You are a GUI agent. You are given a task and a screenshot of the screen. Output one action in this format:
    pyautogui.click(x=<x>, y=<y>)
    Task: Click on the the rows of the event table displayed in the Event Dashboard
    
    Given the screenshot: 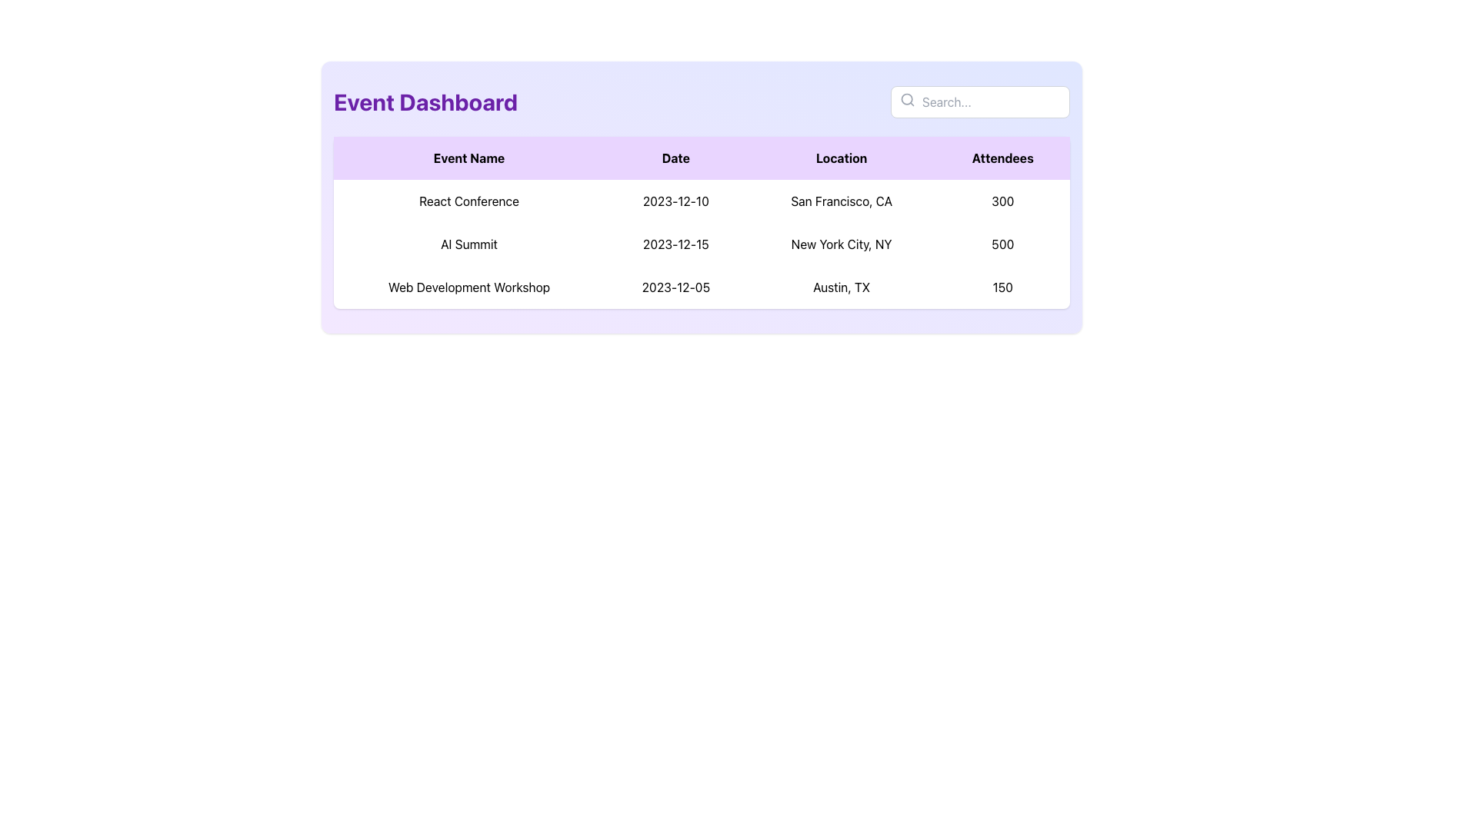 What is the action you would take?
    pyautogui.click(x=701, y=222)
    